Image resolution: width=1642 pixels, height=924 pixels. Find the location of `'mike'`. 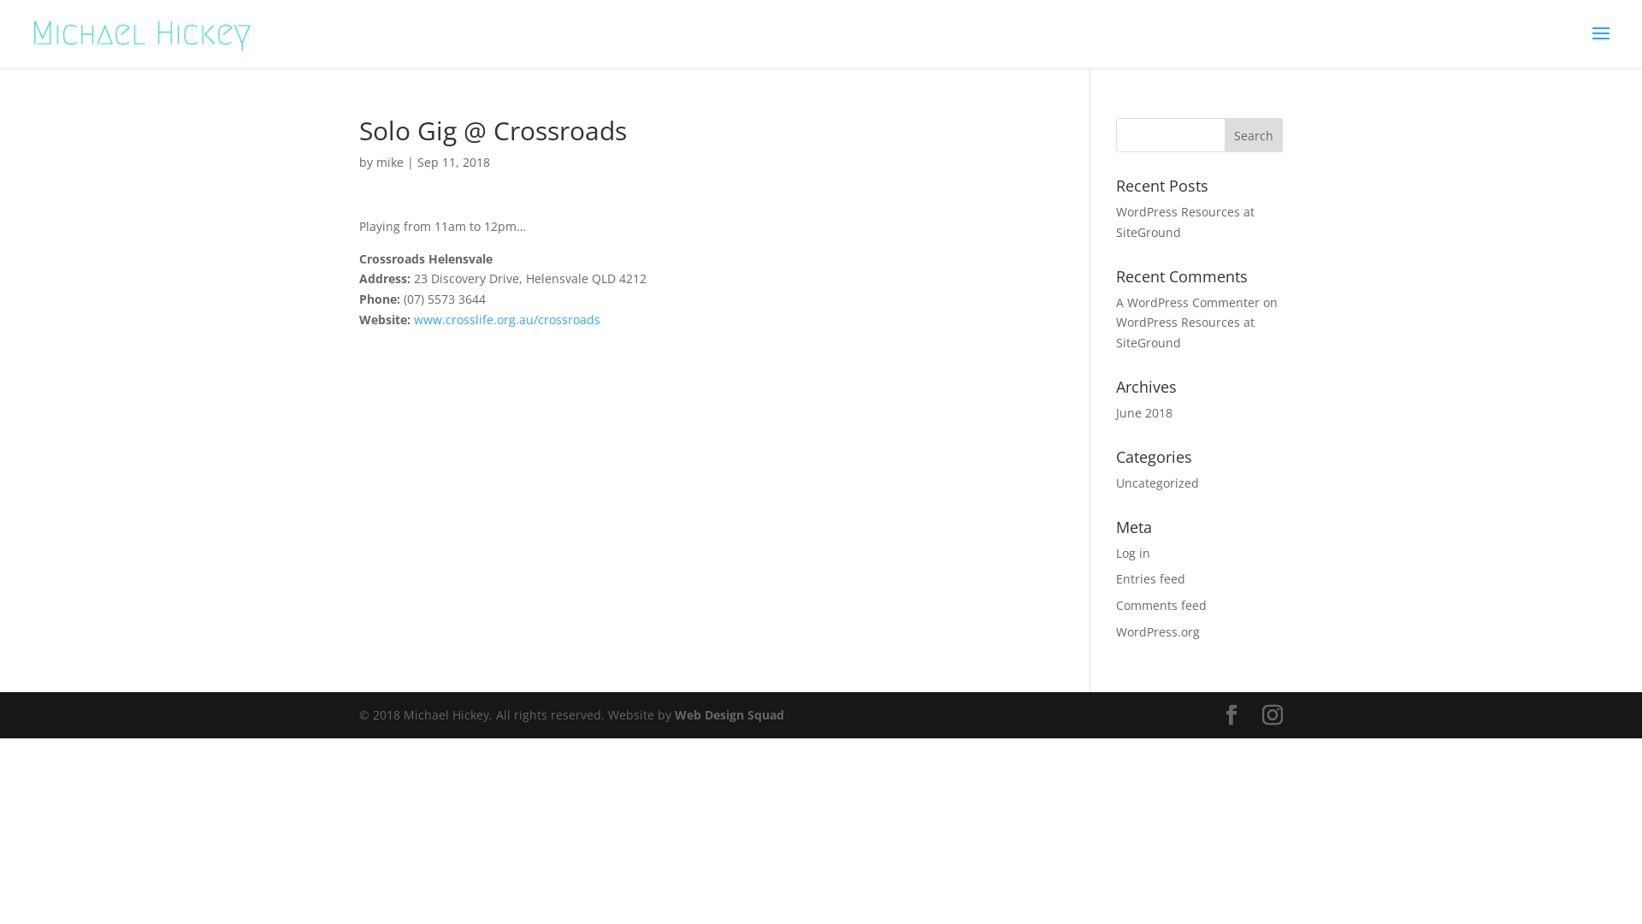

'mike' is located at coordinates (375, 162).